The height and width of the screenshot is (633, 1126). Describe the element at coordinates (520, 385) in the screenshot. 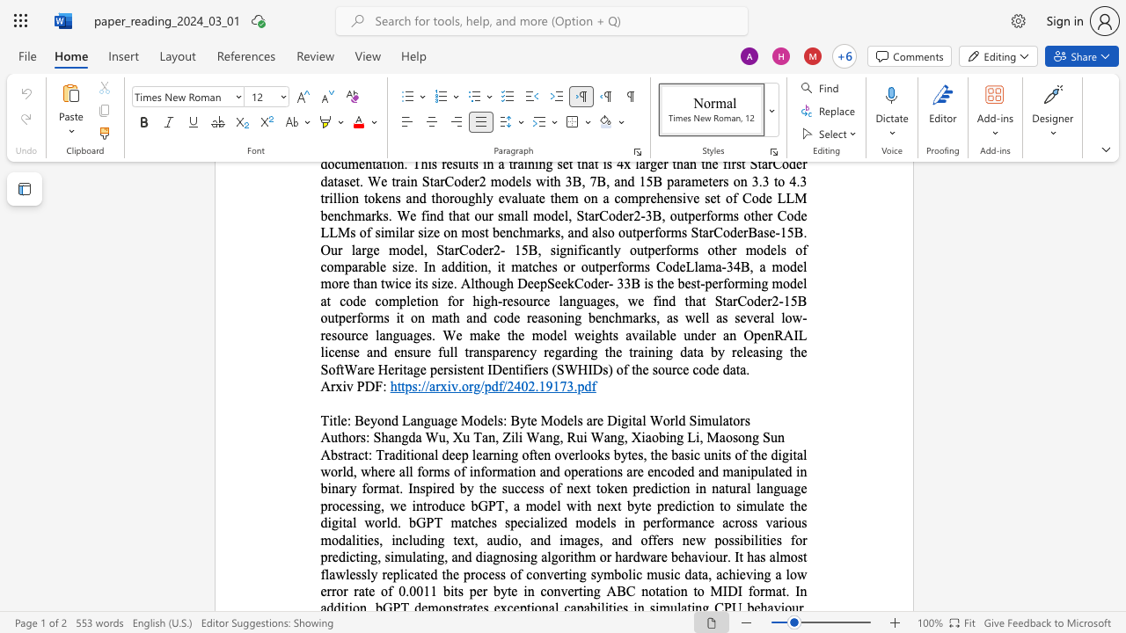

I see `the space between the continuous character "4" and "0" in the text` at that location.